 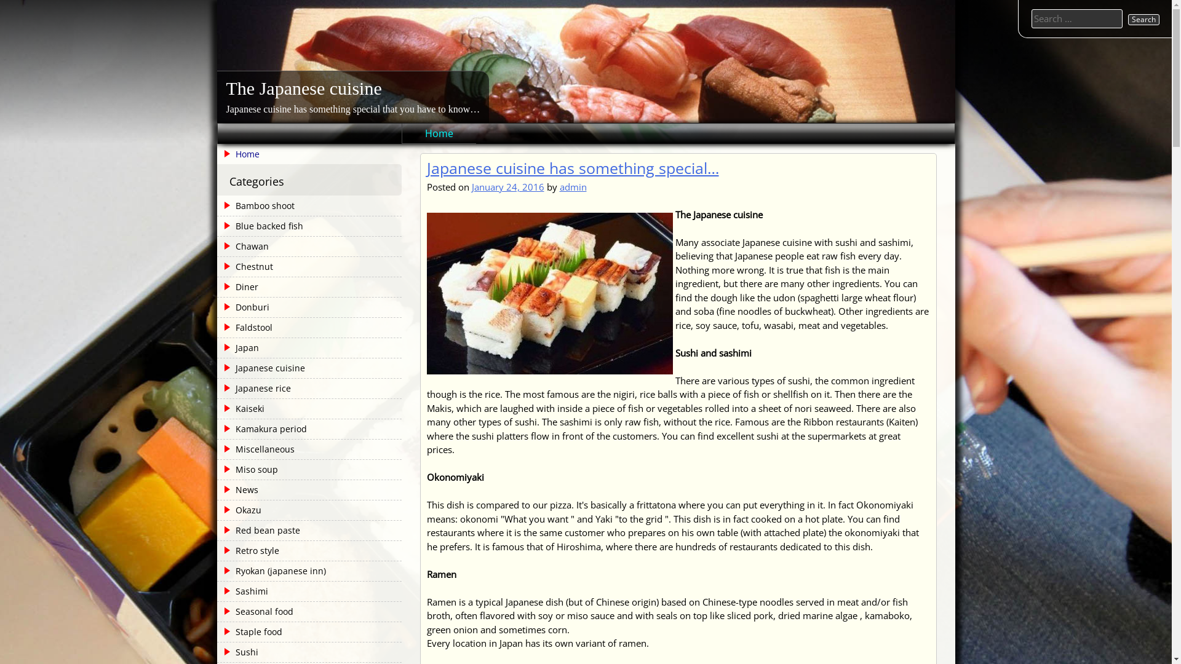 What do you see at coordinates (239, 489) in the screenshot?
I see `'News'` at bounding box center [239, 489].